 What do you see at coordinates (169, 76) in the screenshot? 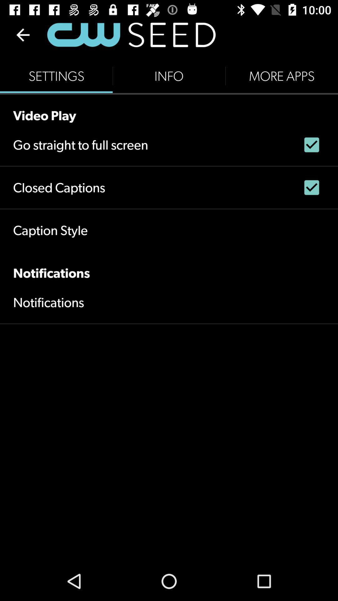
I see `the icon to the left of more apps item` at bounding box center [169, 76].